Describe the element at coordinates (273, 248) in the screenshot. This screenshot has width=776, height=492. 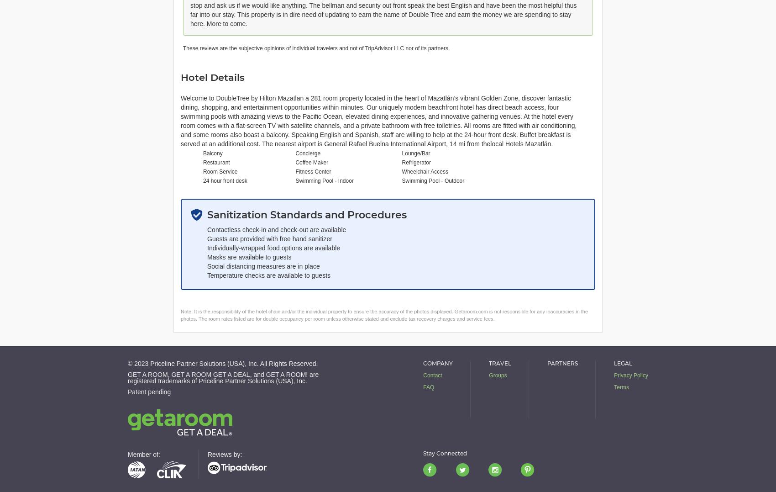
I see `'Individually-wrapped food options are available'` at that location.